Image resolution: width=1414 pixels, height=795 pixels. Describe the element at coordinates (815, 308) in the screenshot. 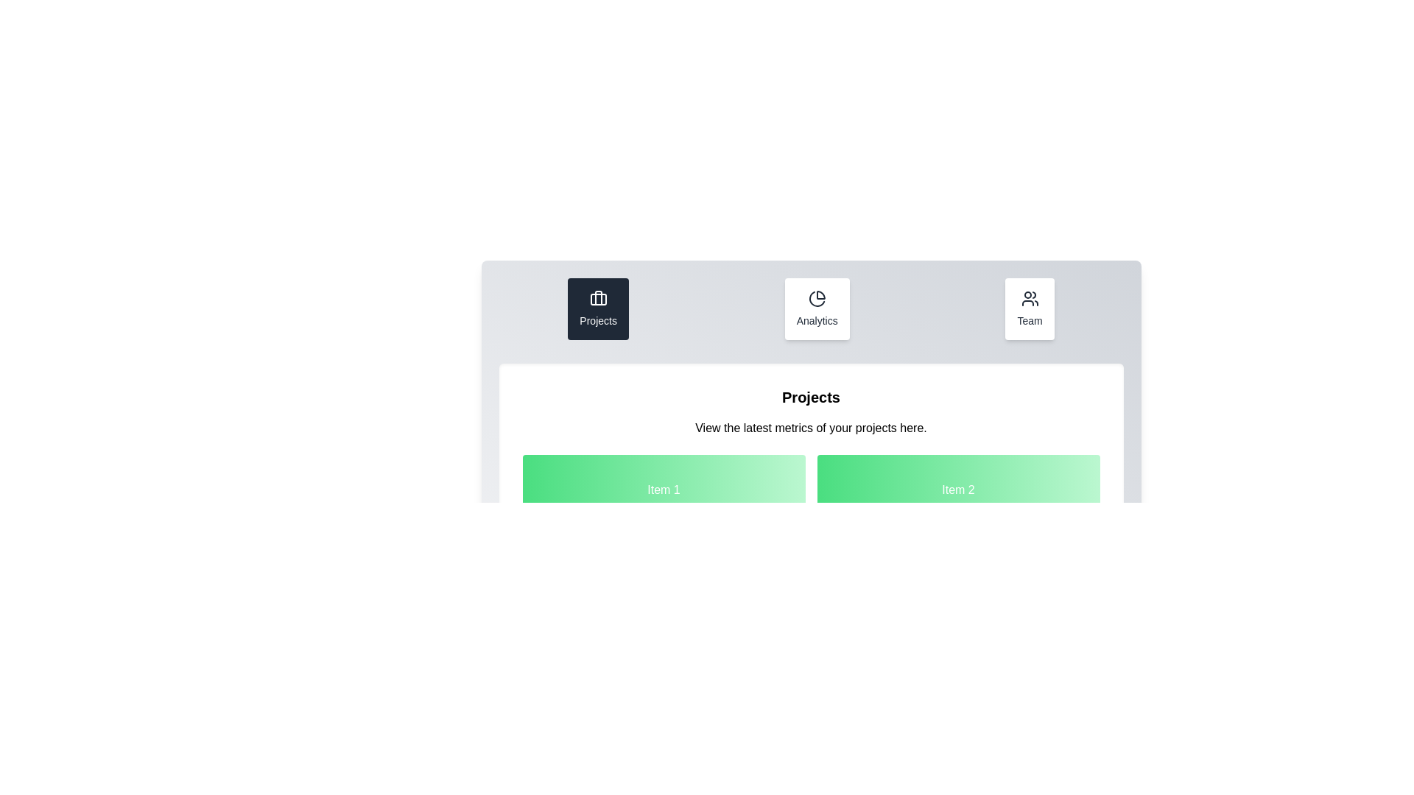

I see `the Analytics tab to activate it` at that location.